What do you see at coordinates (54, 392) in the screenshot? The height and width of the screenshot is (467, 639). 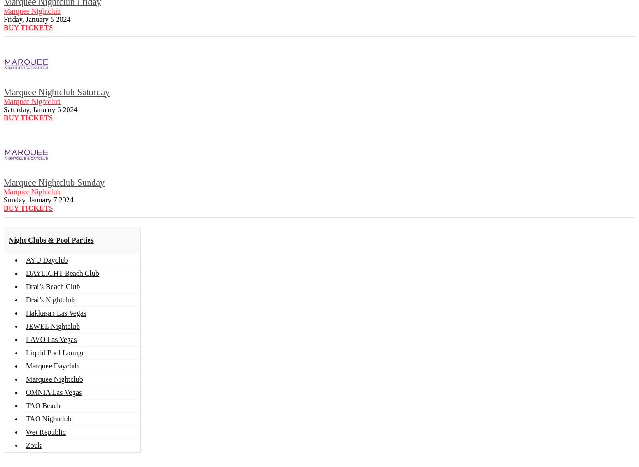 I see `'OMNIA Las Vegas'` at bounding box center [54, 392].